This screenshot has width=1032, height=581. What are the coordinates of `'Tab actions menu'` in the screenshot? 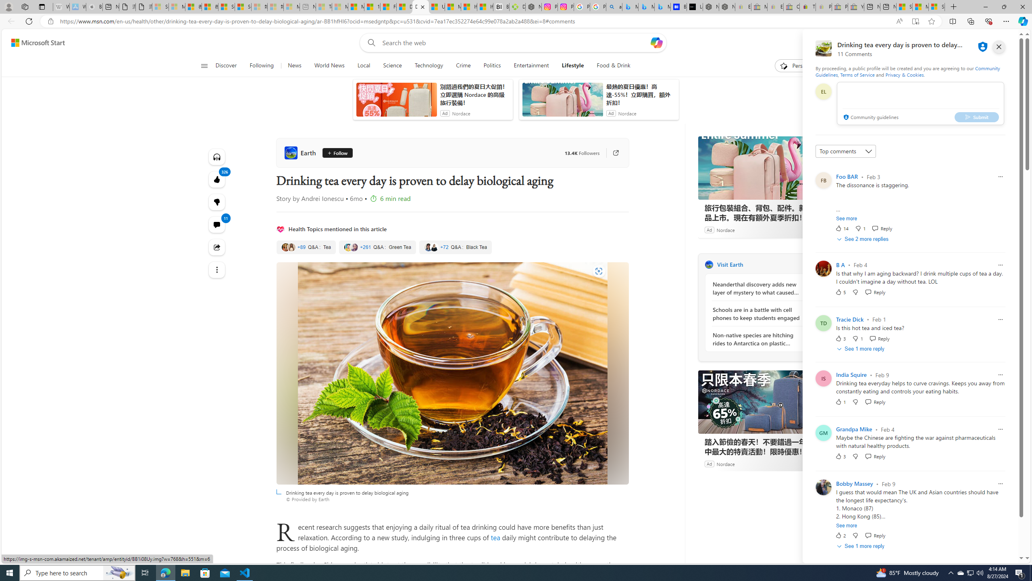 It's located at (41, 6).